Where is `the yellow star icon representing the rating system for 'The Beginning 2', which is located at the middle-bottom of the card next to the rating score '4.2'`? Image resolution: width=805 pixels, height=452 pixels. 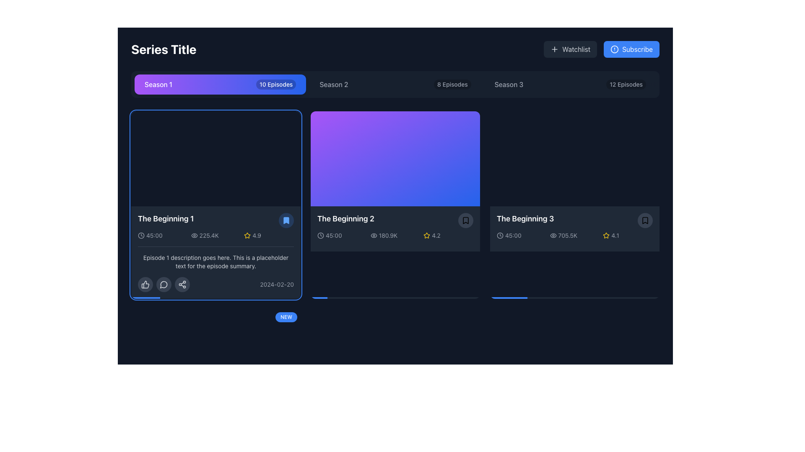
the yellow star icon representing the rating system for 'The Beginning 2', which is located at the middle-bottom of the card next to the rating score '4.2' is located at coordinates (427, 236).